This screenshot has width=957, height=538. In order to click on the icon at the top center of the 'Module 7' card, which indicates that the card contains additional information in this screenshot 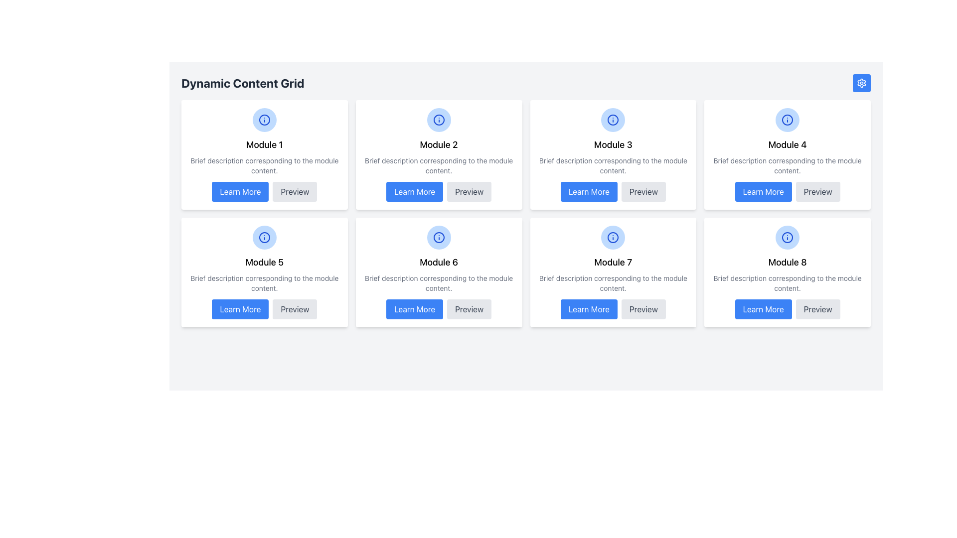, I will do `click(613, 238)`.